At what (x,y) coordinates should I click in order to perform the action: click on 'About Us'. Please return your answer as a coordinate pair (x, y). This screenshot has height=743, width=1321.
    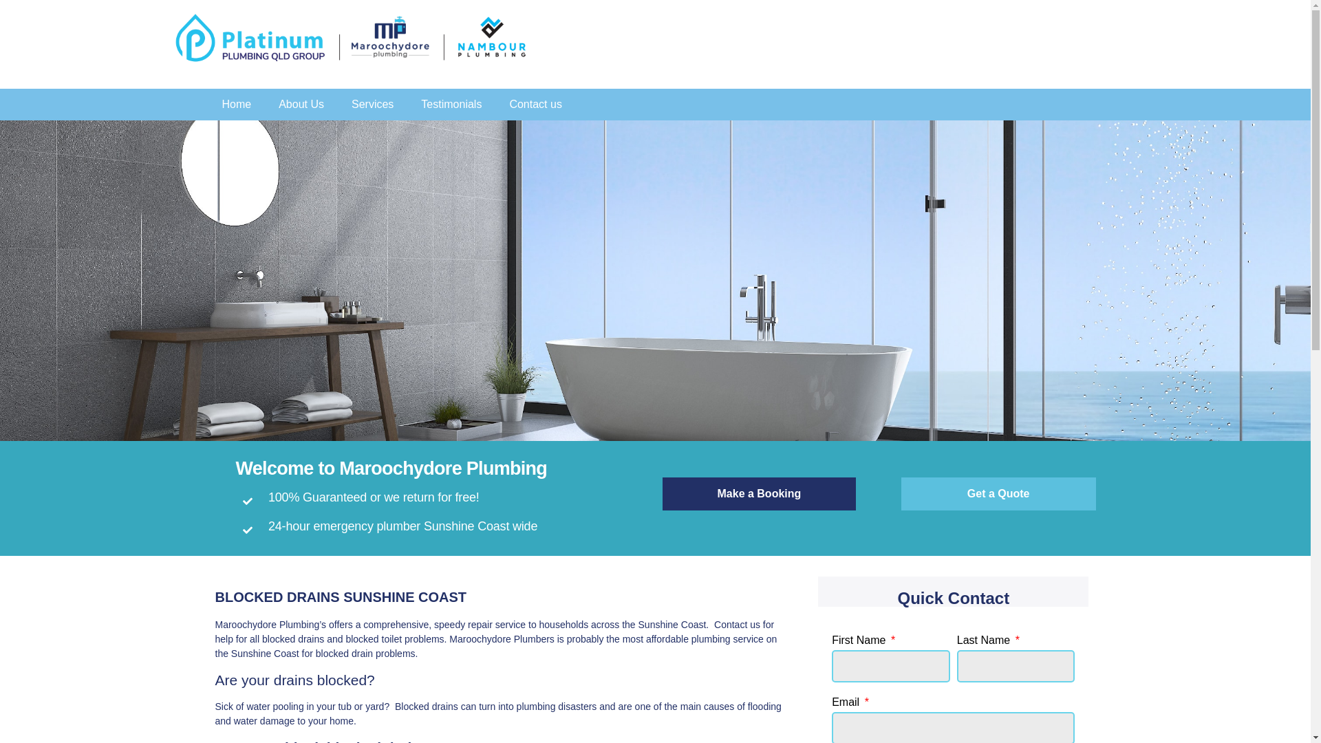
    Looking at the image, I should click on (300, 103).